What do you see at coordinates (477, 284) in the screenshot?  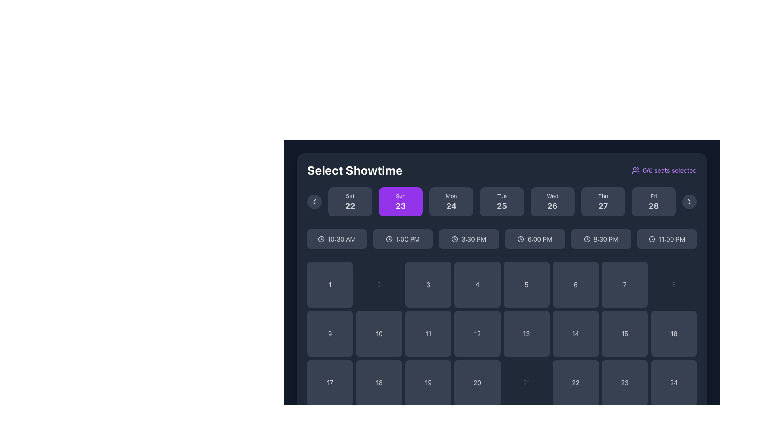 I see `the square button labeled '4', which has a dark gray background and light gray text, to provide visual feedback` at bounding box center [477, 284].